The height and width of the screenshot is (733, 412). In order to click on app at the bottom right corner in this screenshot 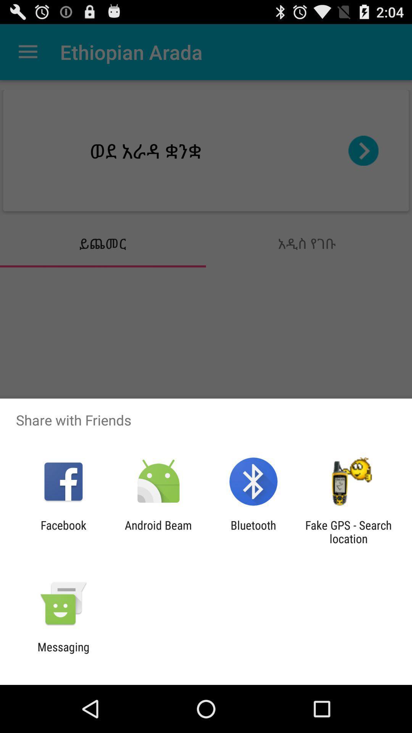, I will do `click(348, 531)`.